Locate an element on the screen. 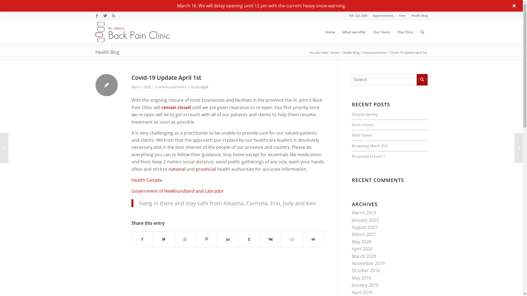 The height and width of the screenshot is (296, 527). 'August 2021' is located at coordinates (365, 227).